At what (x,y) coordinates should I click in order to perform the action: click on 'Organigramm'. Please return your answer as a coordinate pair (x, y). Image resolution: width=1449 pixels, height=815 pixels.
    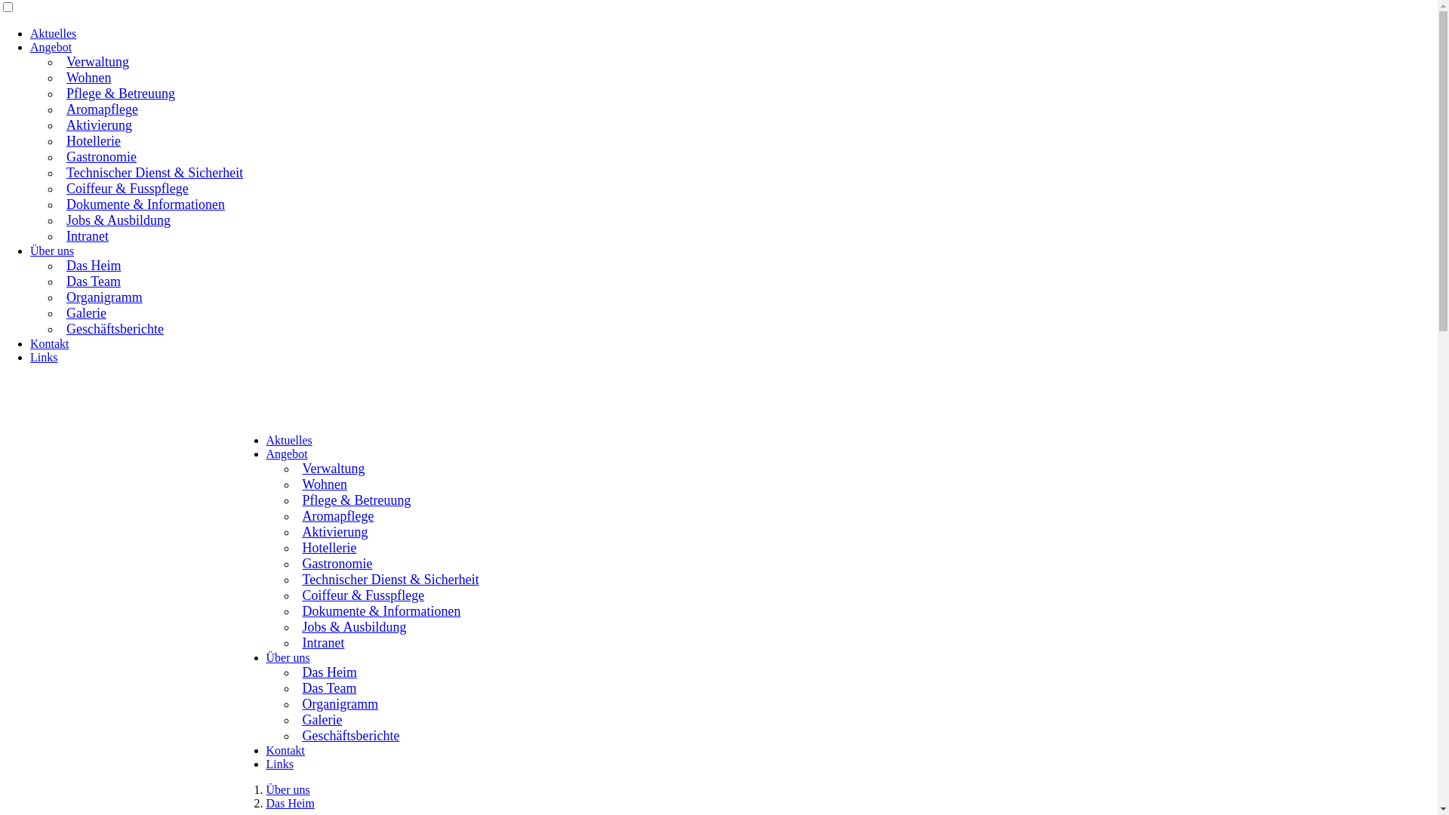
    Looking at the image, I should click on (337, 702).